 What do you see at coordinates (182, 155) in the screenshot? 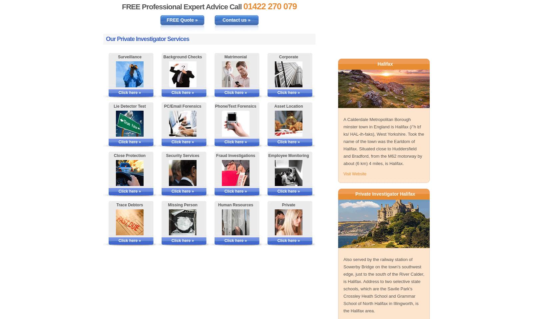
I see `'Security Services'` at bounding box center [182, 155].